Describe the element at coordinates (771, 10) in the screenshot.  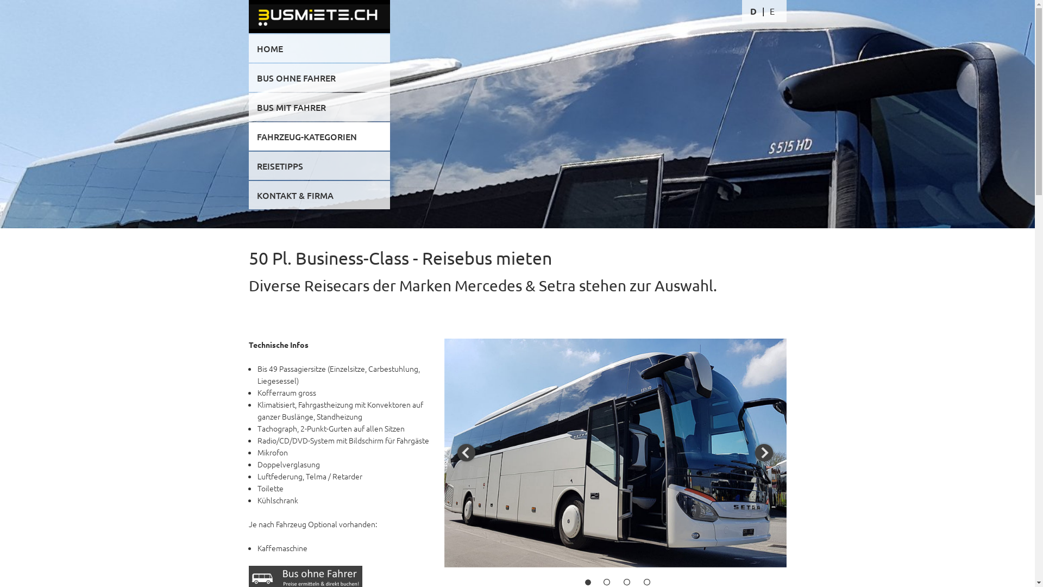
I see `'E'` at that location.